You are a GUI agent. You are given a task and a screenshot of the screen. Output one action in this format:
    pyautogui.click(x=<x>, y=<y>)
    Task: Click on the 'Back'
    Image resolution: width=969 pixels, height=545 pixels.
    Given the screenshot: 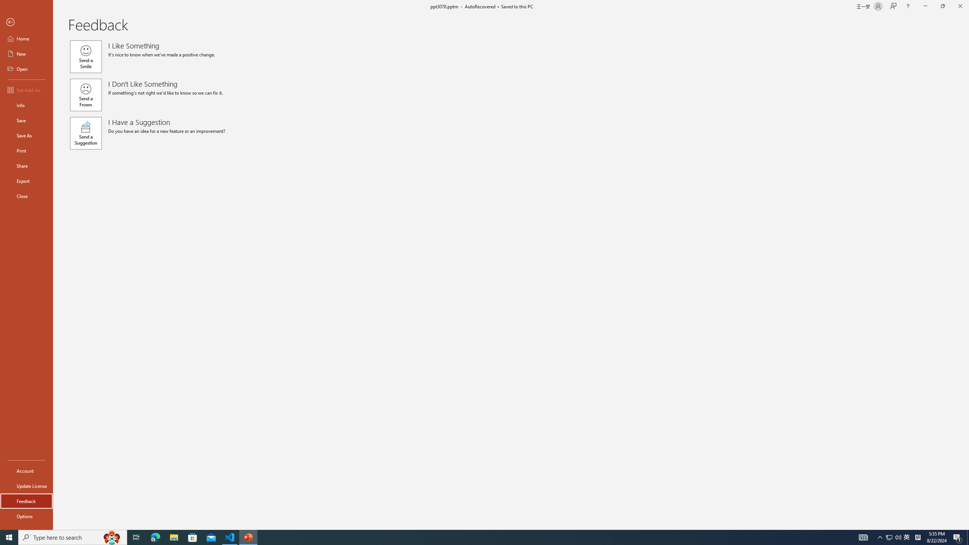 What is the action you would take?
    pyautogui.click(x=26, y=22)
    